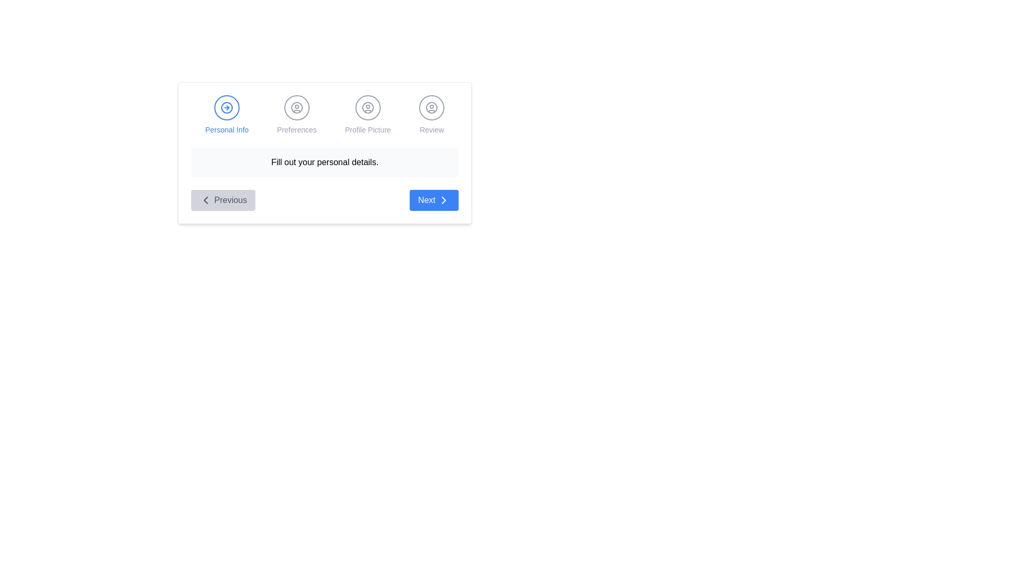 The image size is (1011, 568). What do you see at coordinates (434, 200) in the screenshot?
I see `the 'Next' button, which is a blue button with rounded edges and white text, positioned at the bottom-right of the interface to progress forward` at bounding box center [434, 200].